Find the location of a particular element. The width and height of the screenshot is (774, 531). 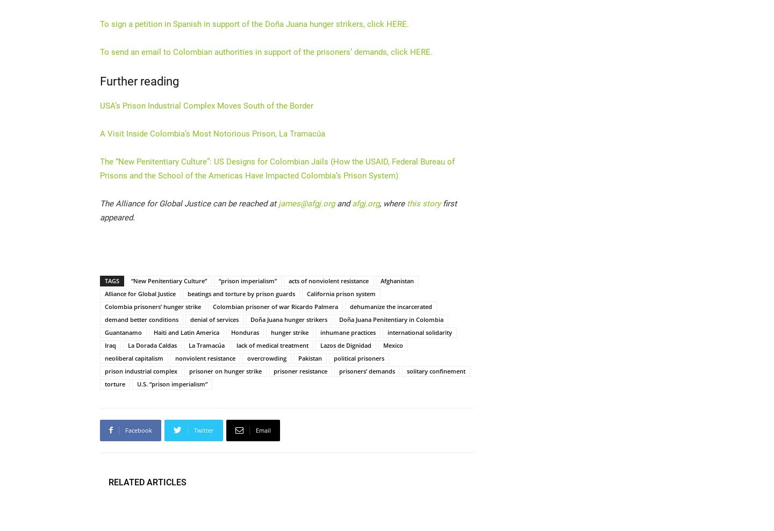

'The Alliance for Global Justice can be reached at' is located at coordinates (189, 203).